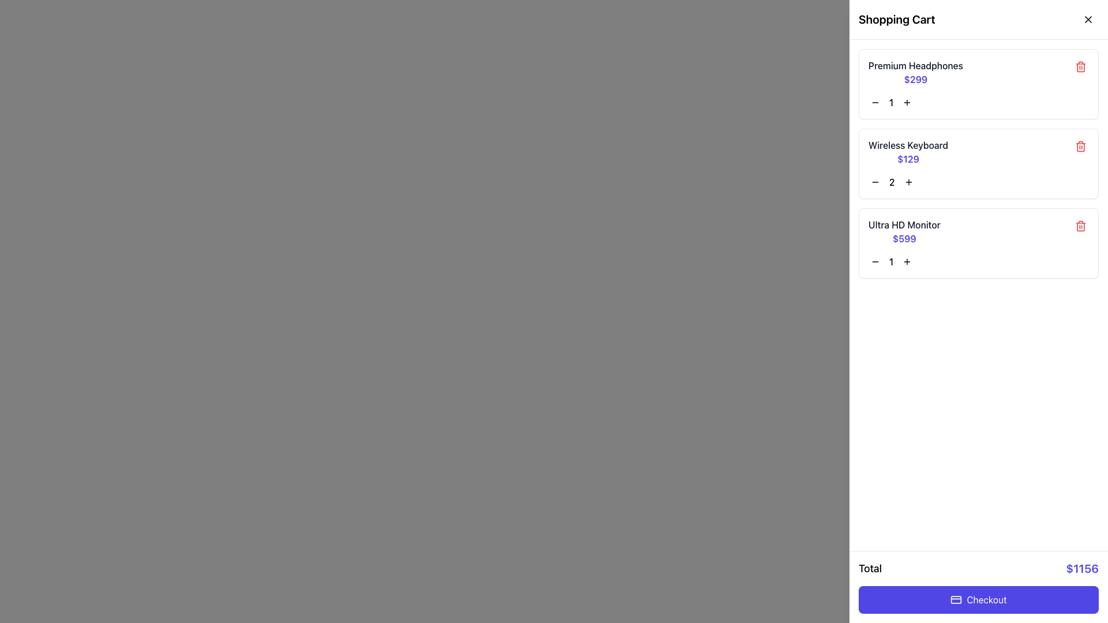 This screenshot has width=1108, height=623. I want to click on the text displaying the price '$299' in indigo font located below the label 'Premium Headphones' in the shopping cart interface, so click(915, 79).